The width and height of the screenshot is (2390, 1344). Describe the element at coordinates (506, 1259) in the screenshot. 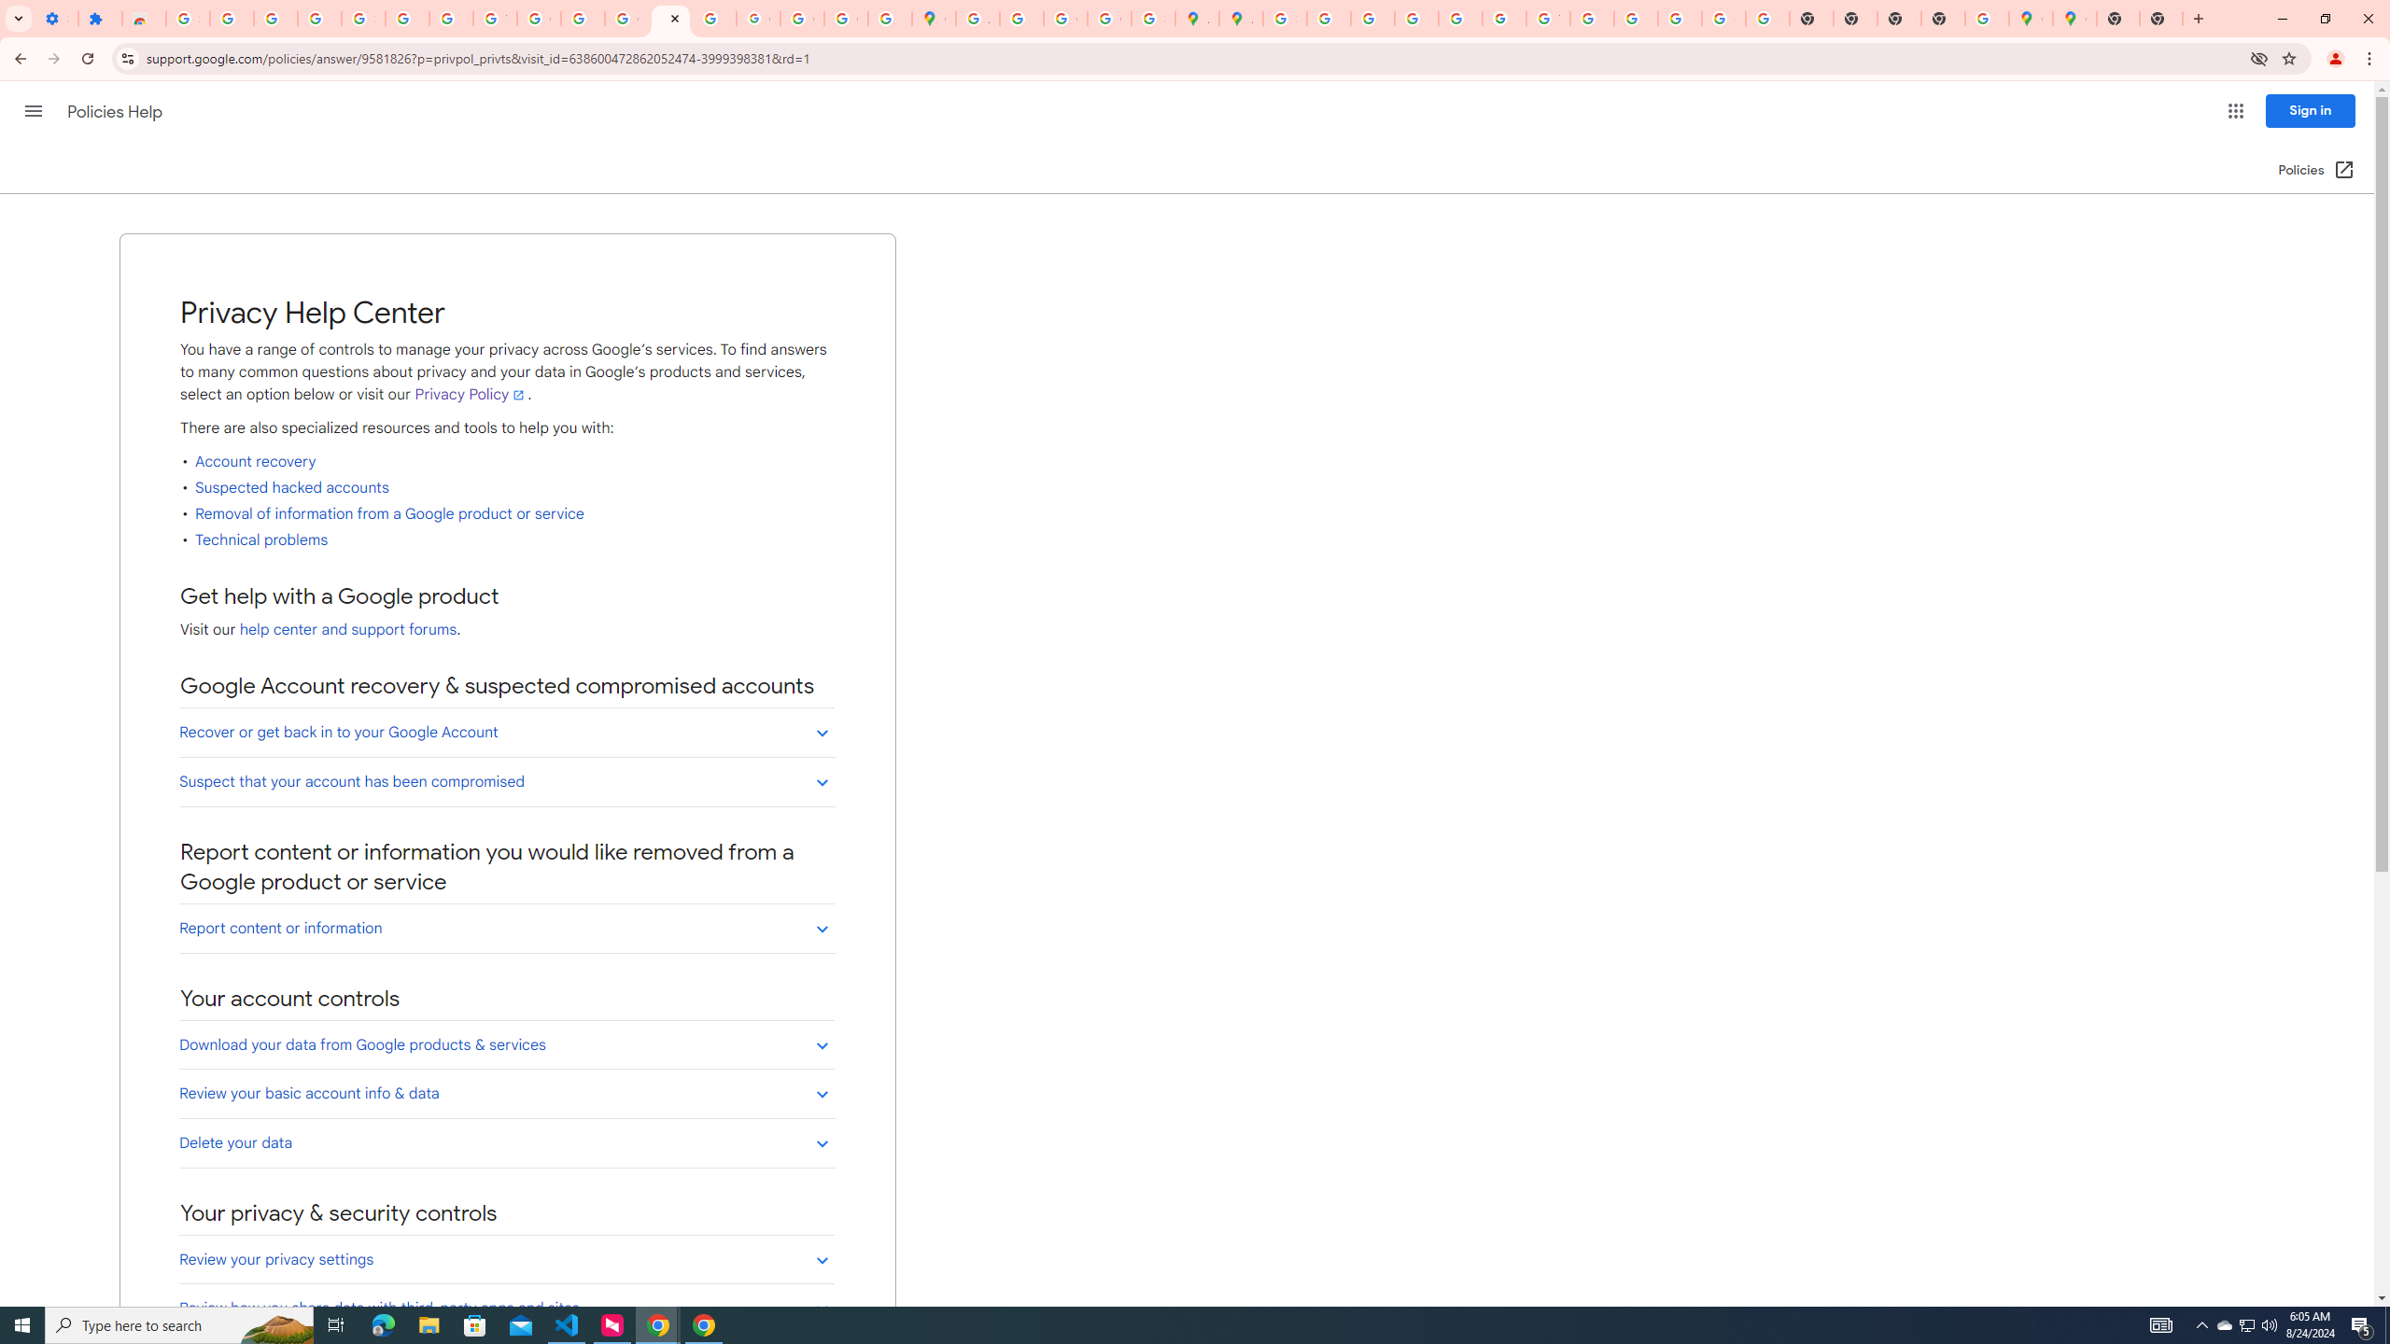

I see `'Review your privacy settings'` at that location.